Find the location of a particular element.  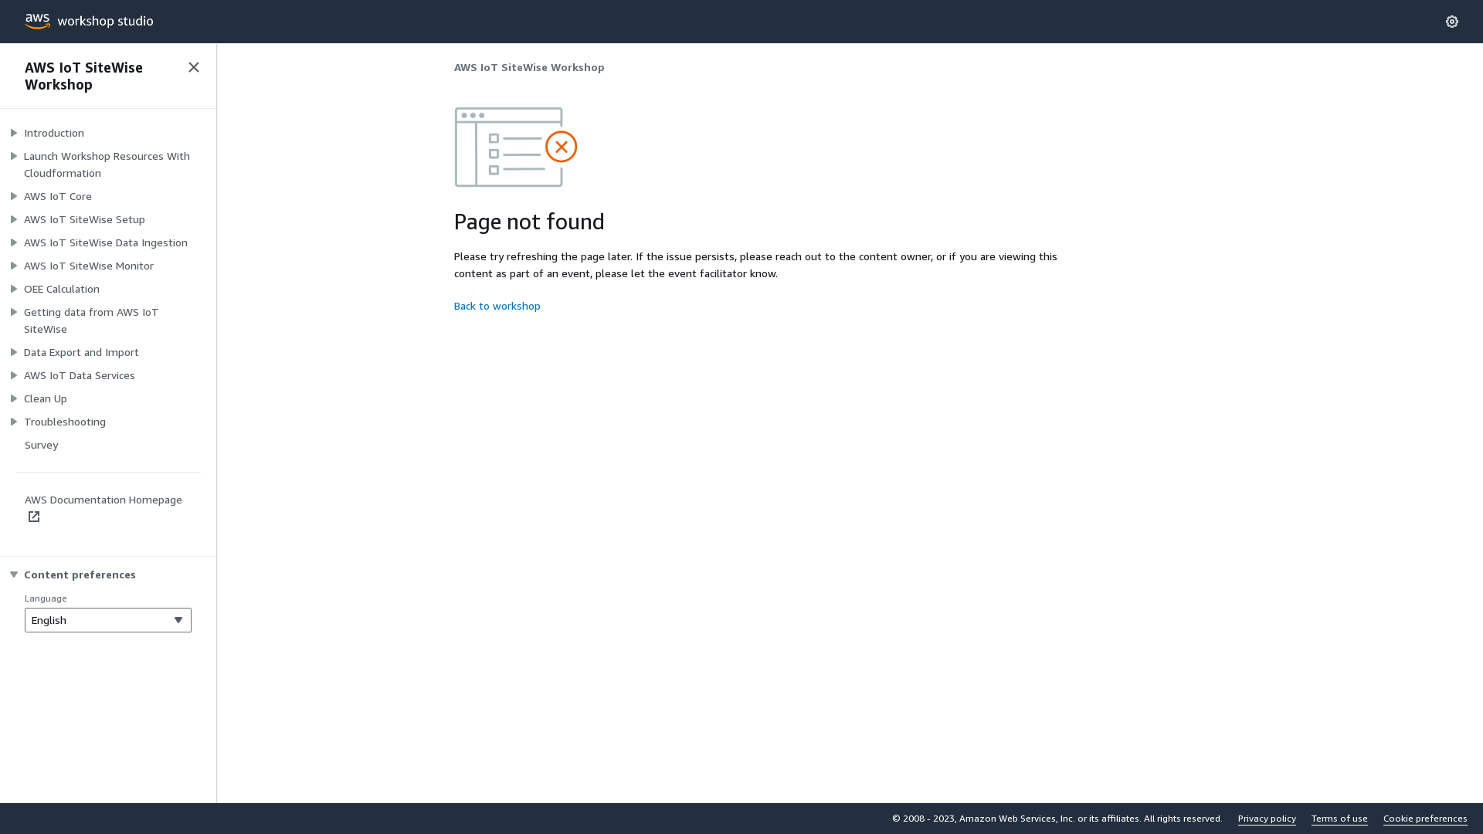

'AWS IoT Data Services' is located at coordinates (78, 375).